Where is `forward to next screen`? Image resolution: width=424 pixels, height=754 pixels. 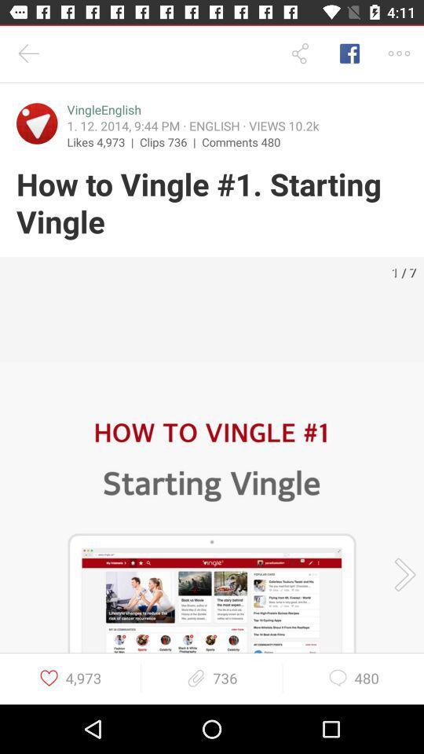 forward to next screen is located at coordinates (400, 573).